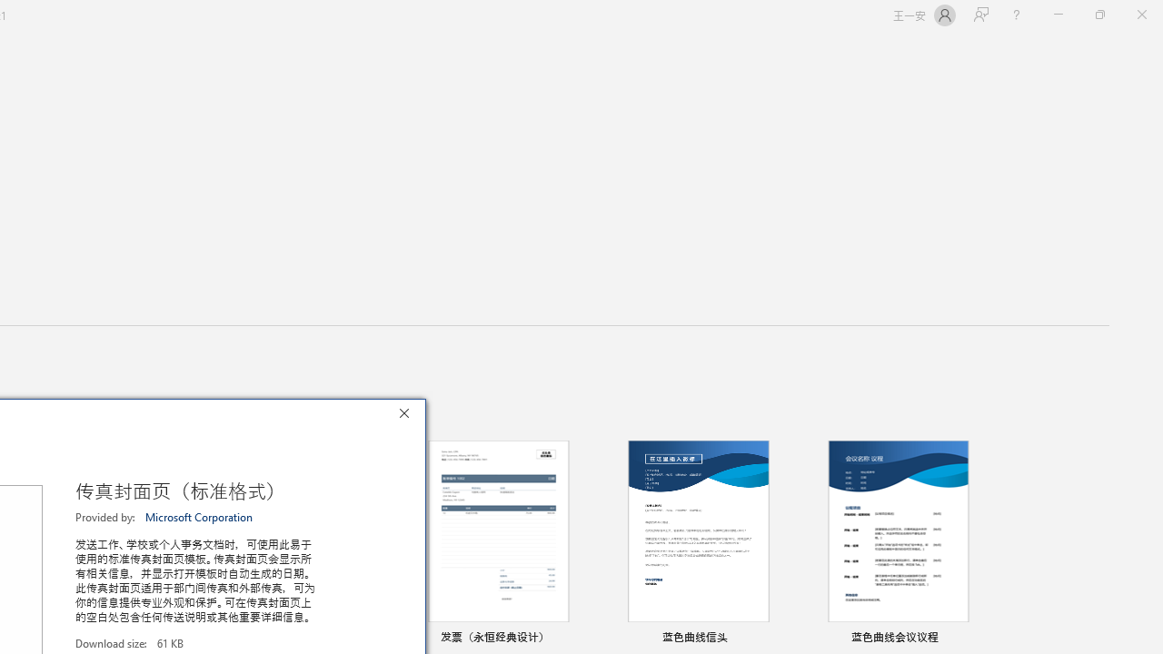 The width and height of the screenshot is (1163, 654). Describe the element at coordinates (200, 517) in the screenshot. I see `'Microsoft Corporation'` at that location.